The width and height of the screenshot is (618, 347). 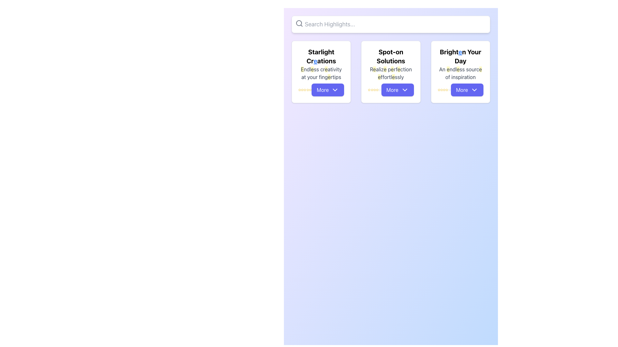 What do you see at coordinates (307, 69) in the screenshot?
I see `the text segment 'ndl' within the phrase 'Endless creativity at your fingertips' located in the left card of the interface` at bounding box center [307, 69].